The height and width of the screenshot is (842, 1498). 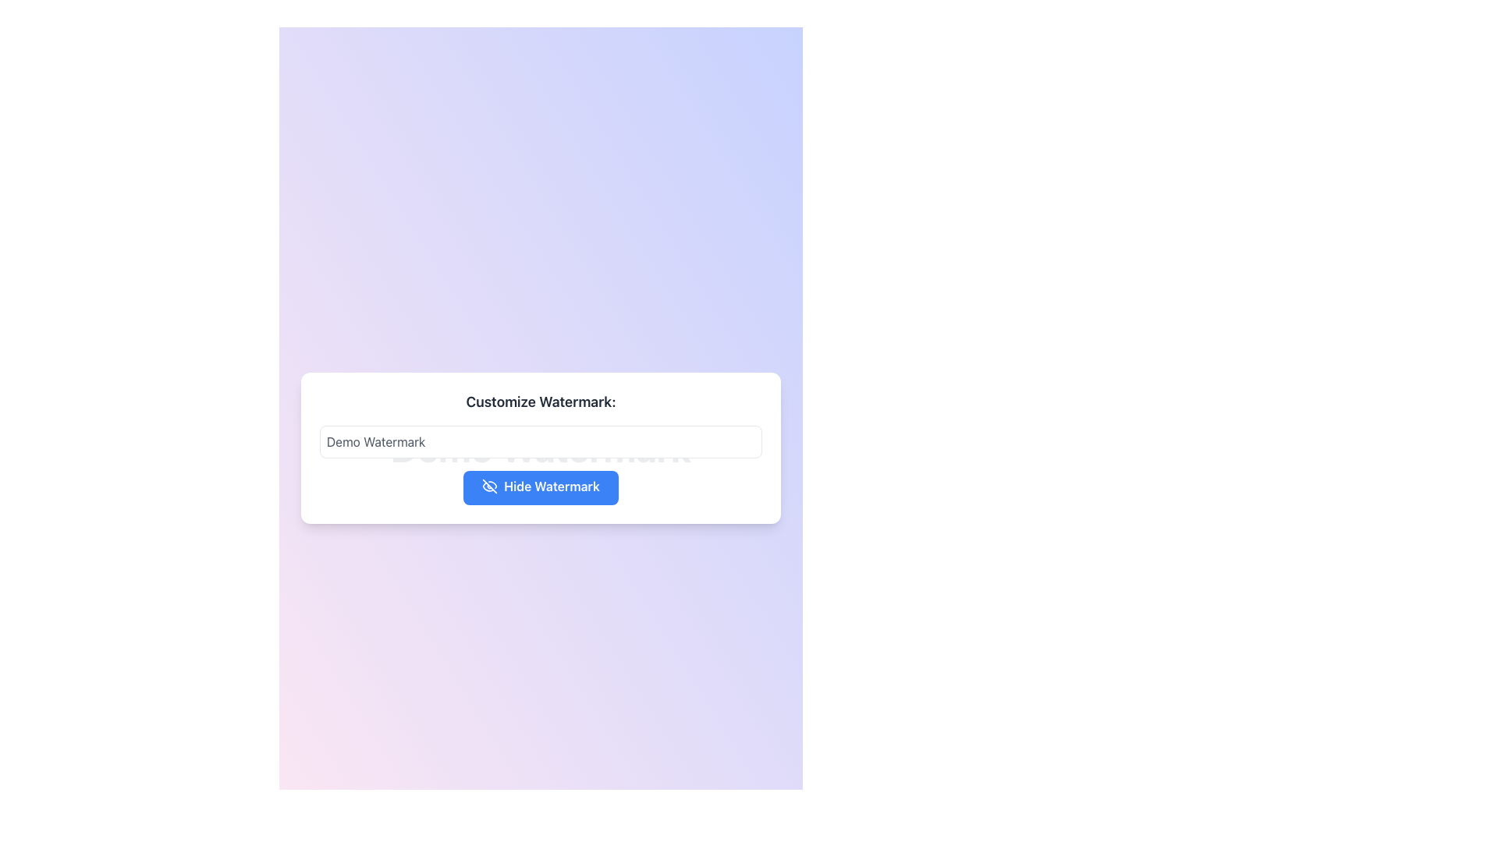 I want to click on the text label that explains the purpose of the input field for customizing watermark text, located above the corresponding input field, so click(x=541, y=402).